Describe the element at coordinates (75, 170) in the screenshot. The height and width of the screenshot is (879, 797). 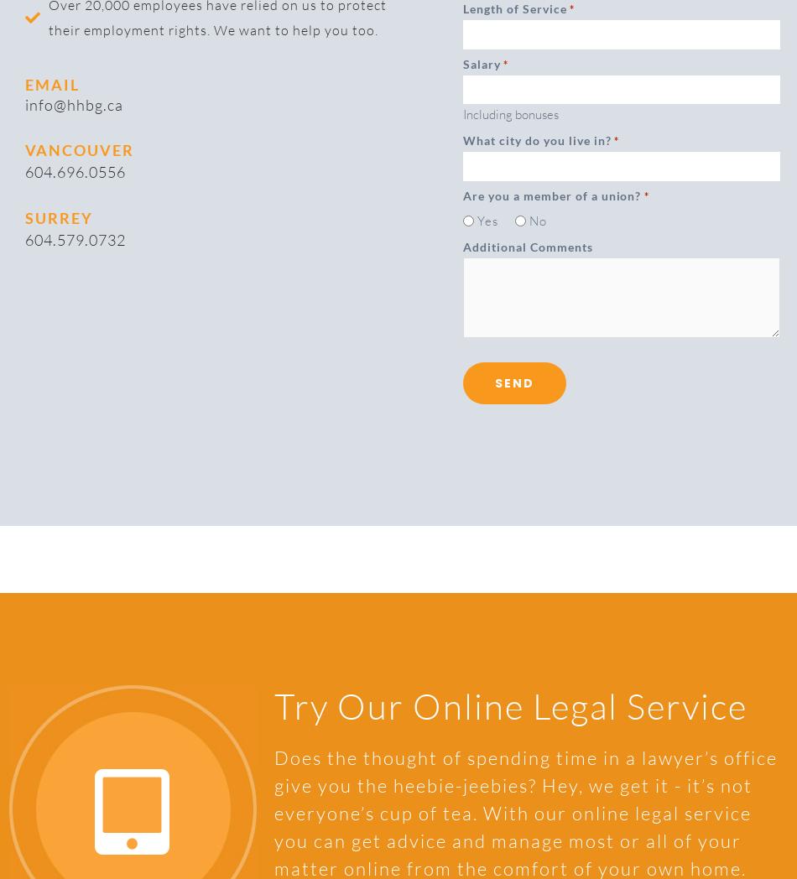
I see `'604.696.0556'` at that location.